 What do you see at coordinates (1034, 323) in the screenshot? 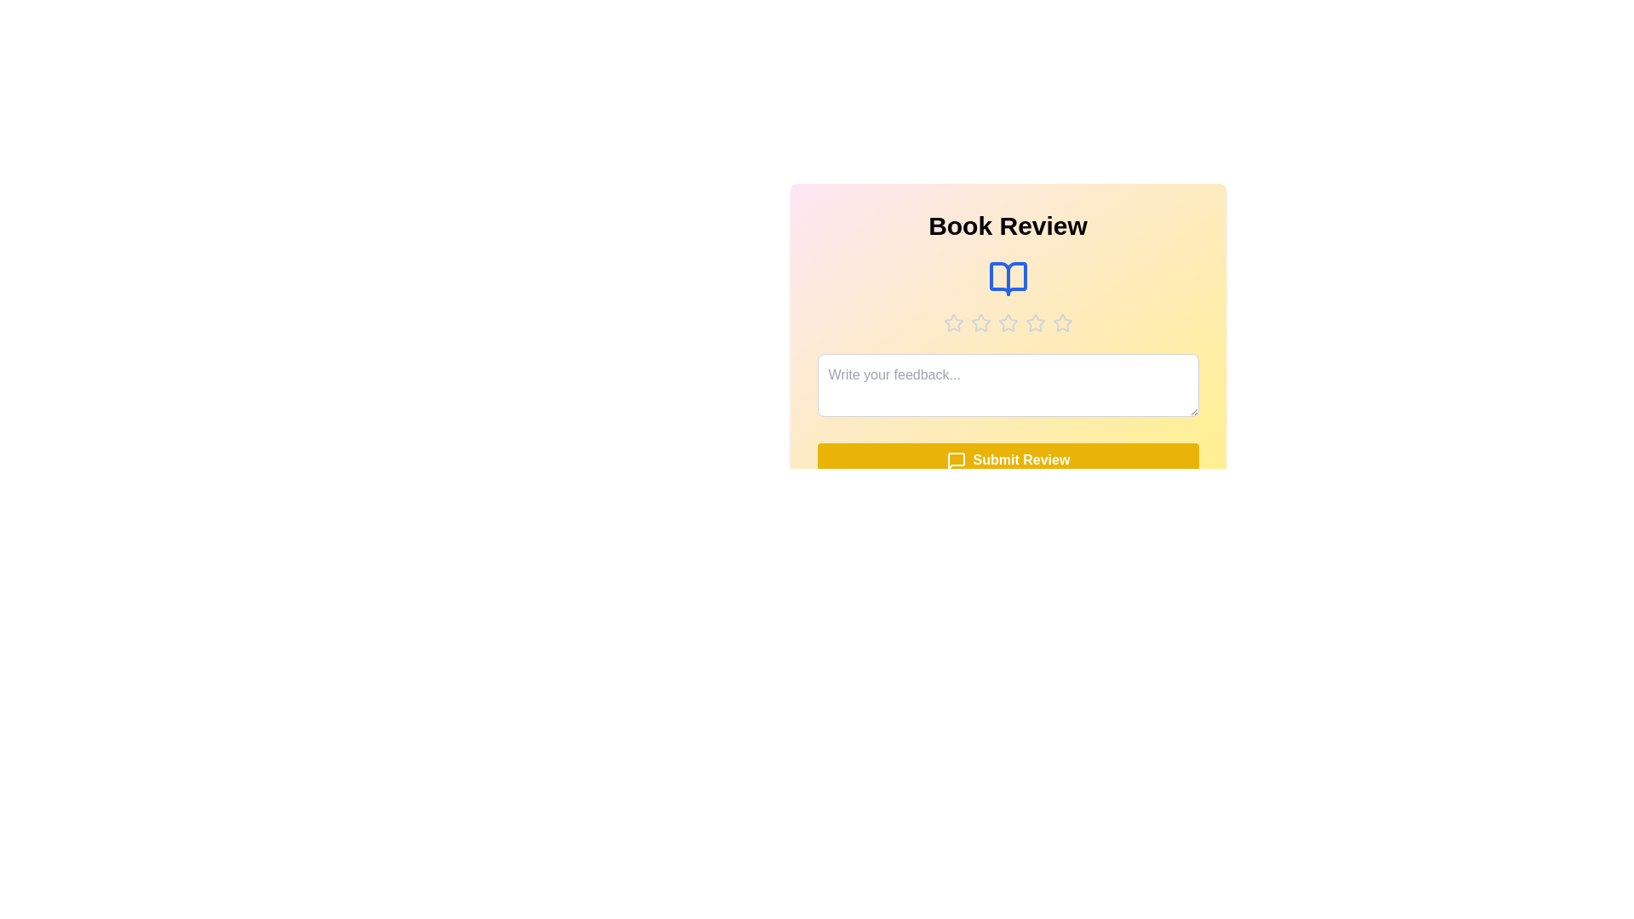
I see `the star corresponding to the desired rating 4` at bounding box center [1034, 323].